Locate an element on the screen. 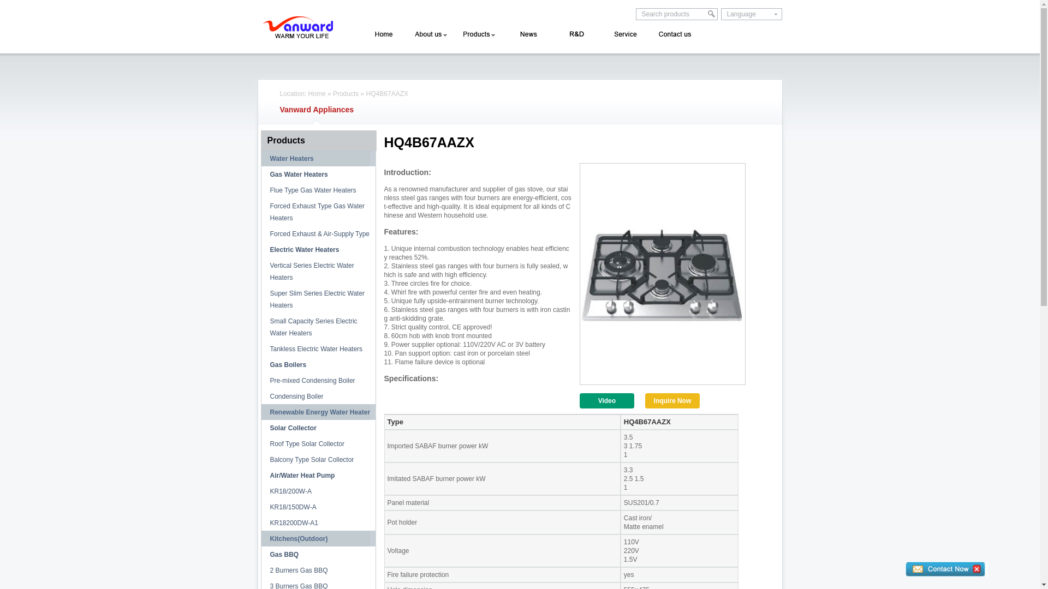 The width and height of the screenshot is (1048, 589). 'Video' is located at coordinates (606, 401).